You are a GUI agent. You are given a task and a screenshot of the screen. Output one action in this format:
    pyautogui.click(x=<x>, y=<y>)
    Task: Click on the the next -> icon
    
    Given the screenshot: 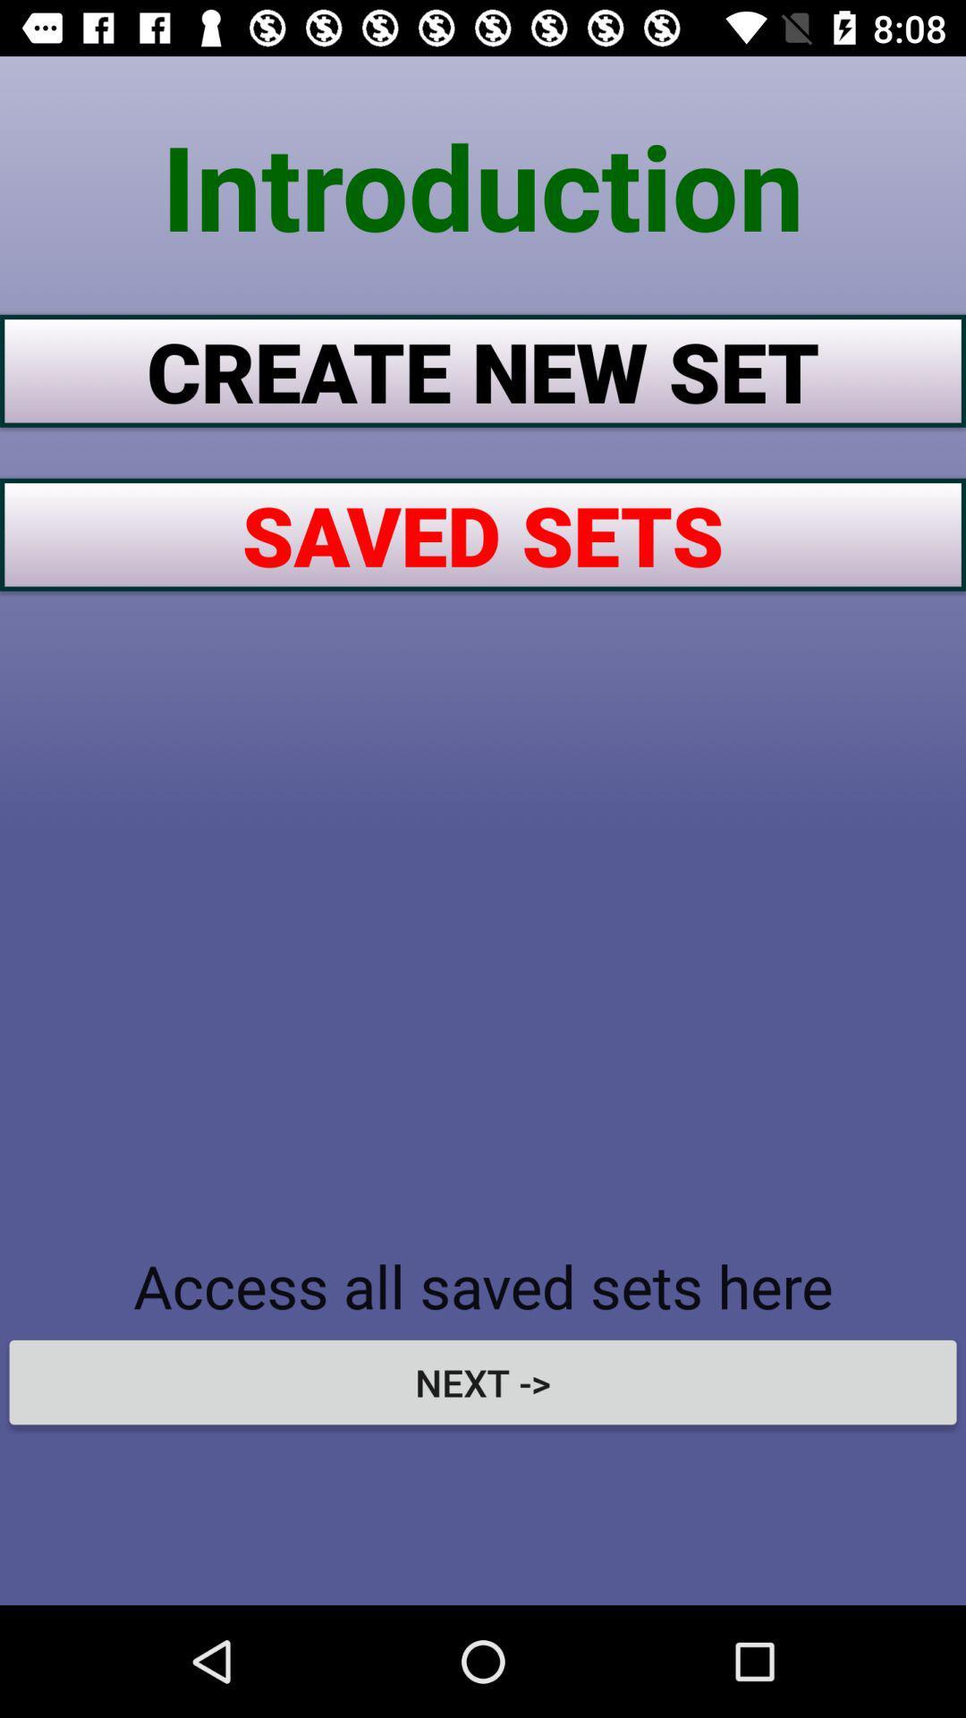 What is the action you would take?
    pyautogui.click(x=483, y=1382)
    